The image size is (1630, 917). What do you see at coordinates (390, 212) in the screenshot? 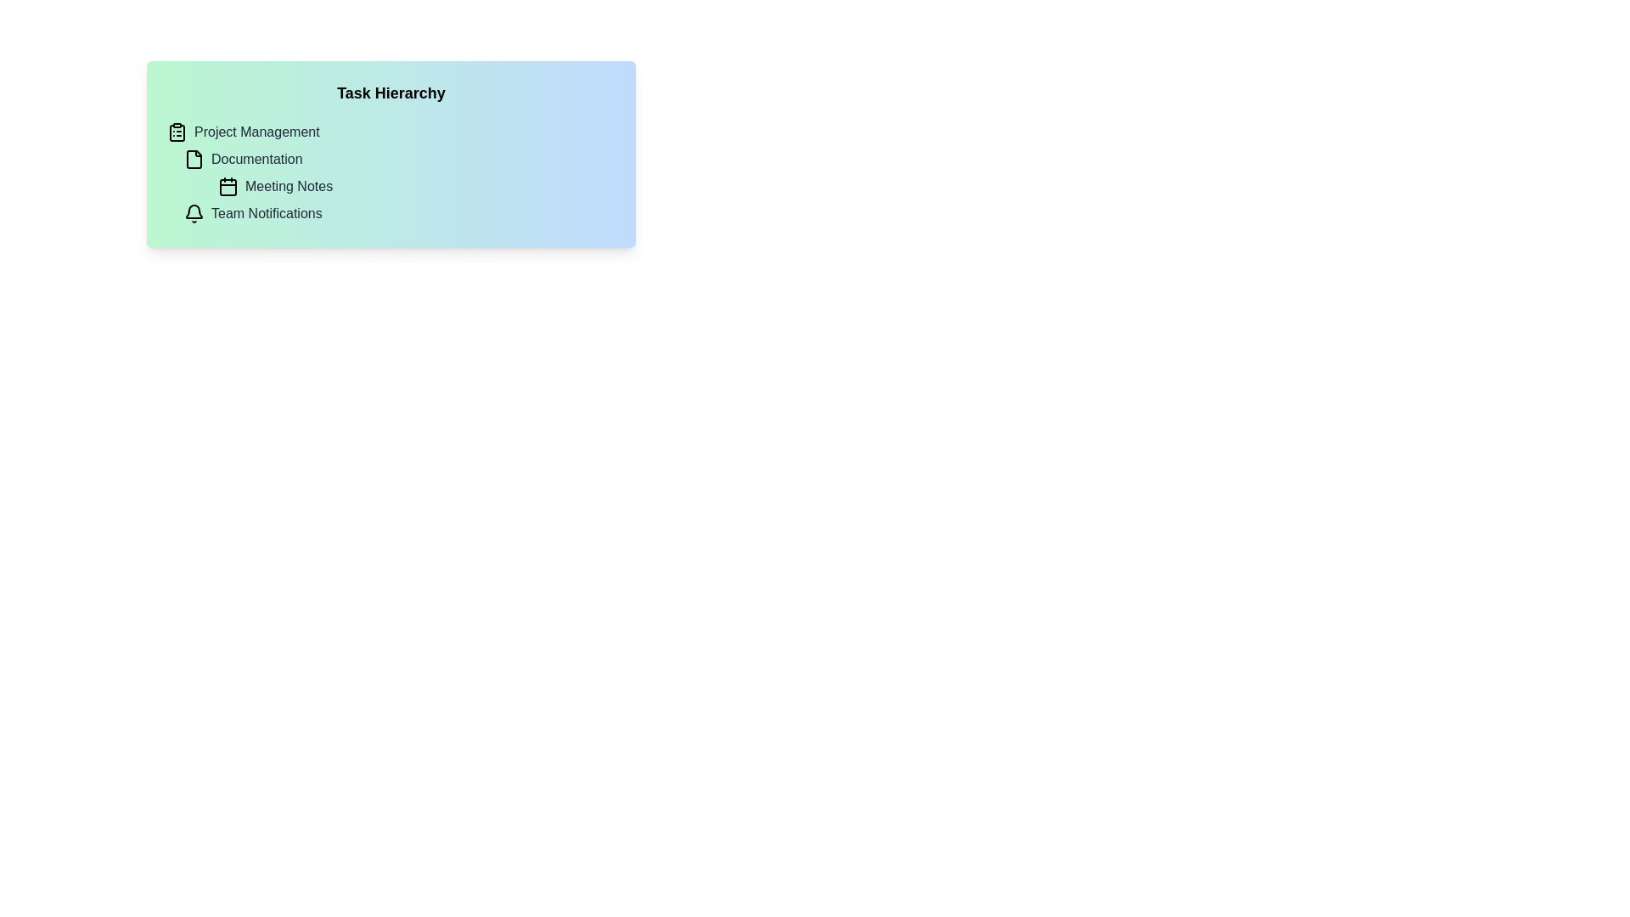
I see `the 'Team Notifications' list item, which is the fourth item under 'Task Hierarchy'` at bounding box center [390, 212].